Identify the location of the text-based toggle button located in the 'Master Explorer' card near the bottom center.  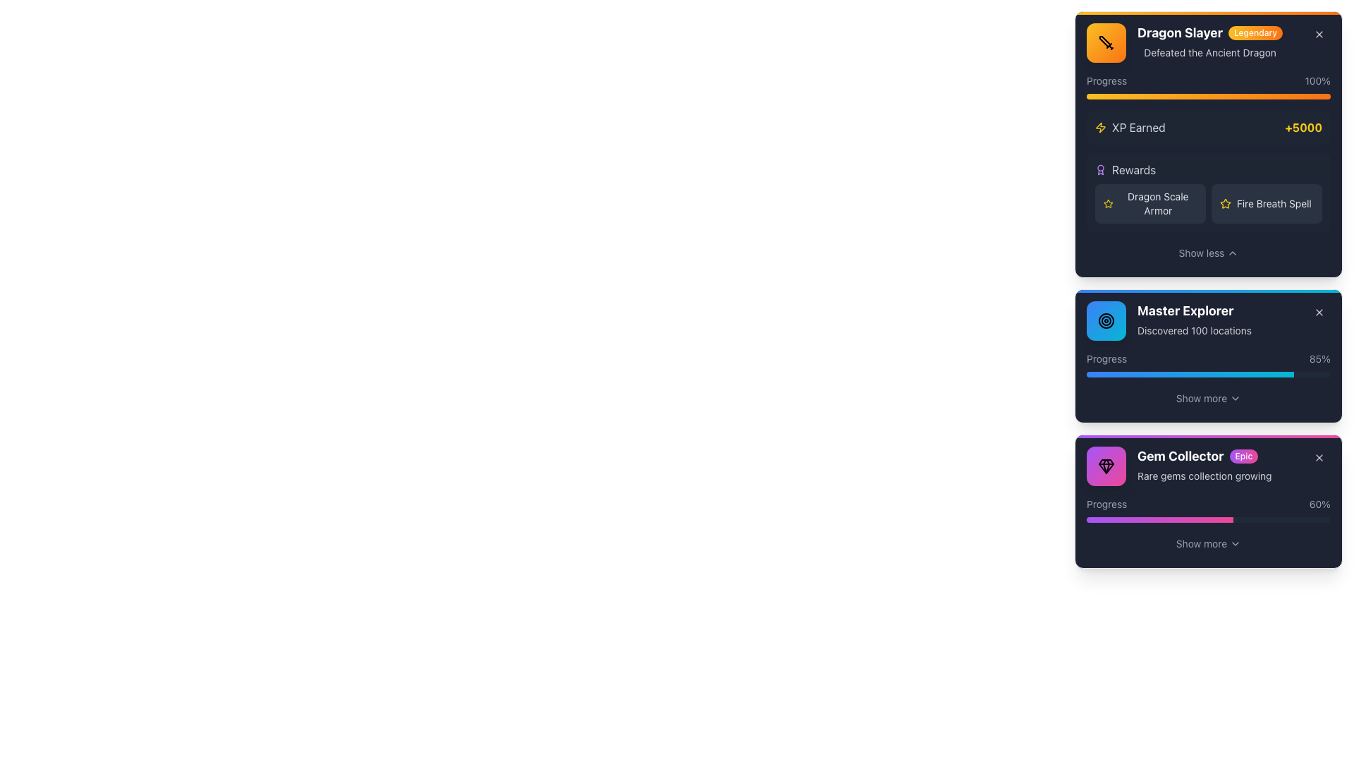
(1201, 398).